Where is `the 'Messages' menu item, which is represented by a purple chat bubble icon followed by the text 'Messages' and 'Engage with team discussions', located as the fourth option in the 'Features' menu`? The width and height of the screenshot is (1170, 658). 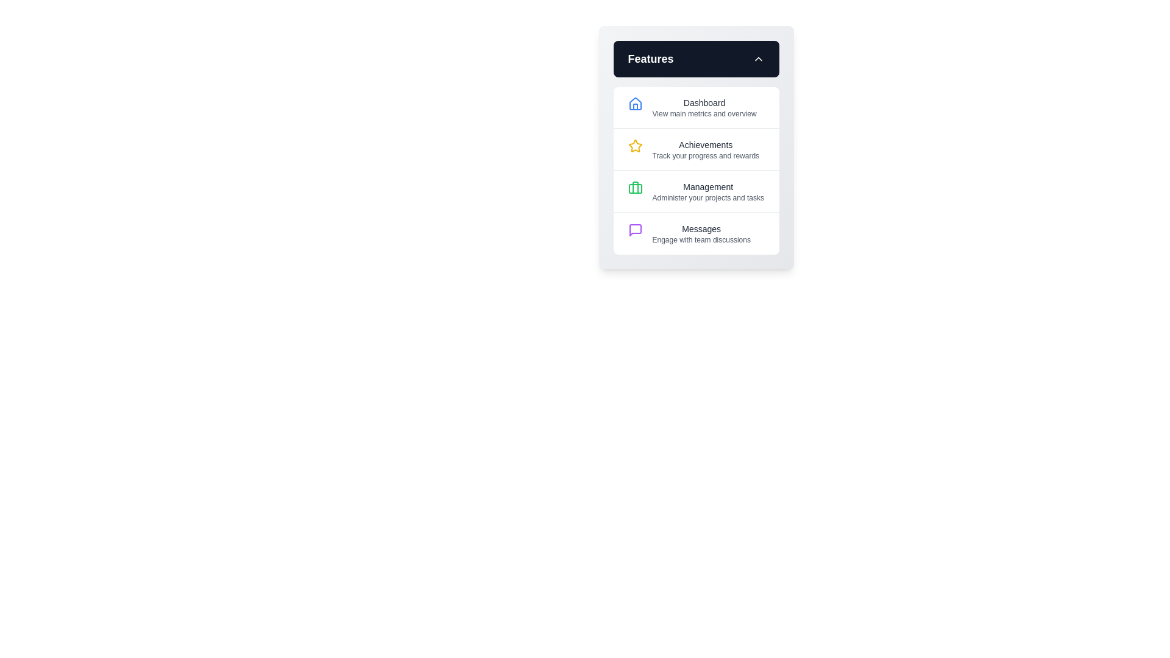 the 'Messages' menu item, which is represented by a purple chat bubble icon followed by the text 'Messages' and 'Engage with team discussions', located as the fourth option in the 'Features' menu is located at coordinates (696, 233).